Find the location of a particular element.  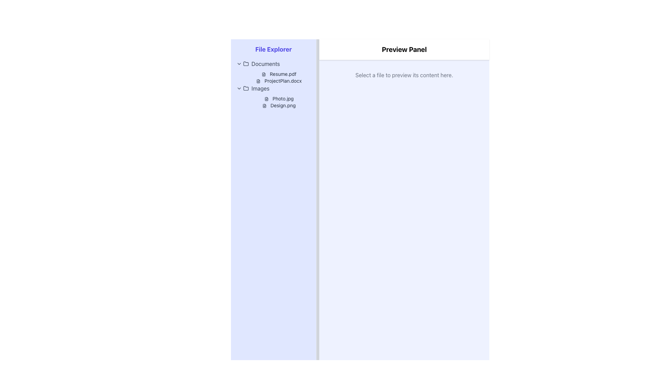

the file icon with rounded edges located immediately to the left of 'ProjectPlan.docx' in the 'File Explorer' panel is located at coordinates (258, 81).